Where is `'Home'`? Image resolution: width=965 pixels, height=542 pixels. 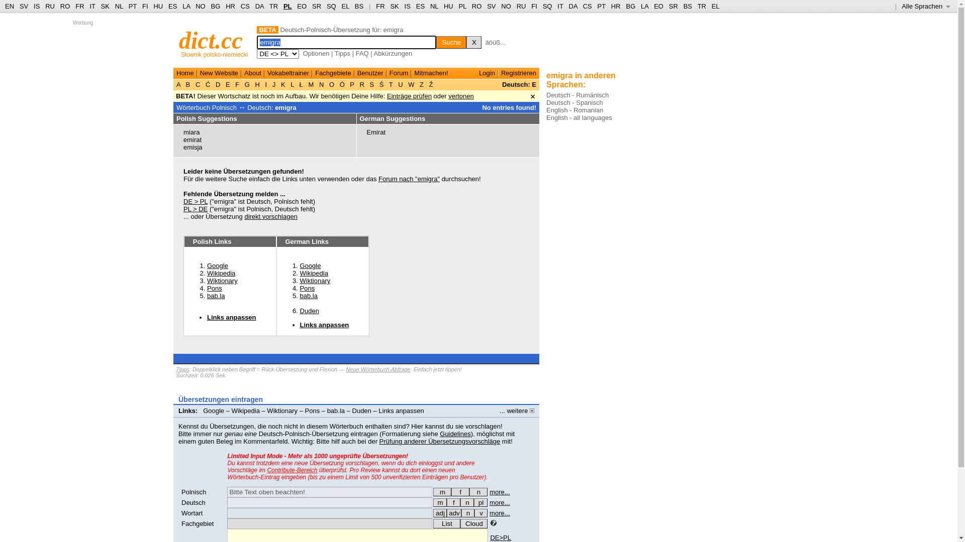 'Home' is located at coordinates (176, 72).